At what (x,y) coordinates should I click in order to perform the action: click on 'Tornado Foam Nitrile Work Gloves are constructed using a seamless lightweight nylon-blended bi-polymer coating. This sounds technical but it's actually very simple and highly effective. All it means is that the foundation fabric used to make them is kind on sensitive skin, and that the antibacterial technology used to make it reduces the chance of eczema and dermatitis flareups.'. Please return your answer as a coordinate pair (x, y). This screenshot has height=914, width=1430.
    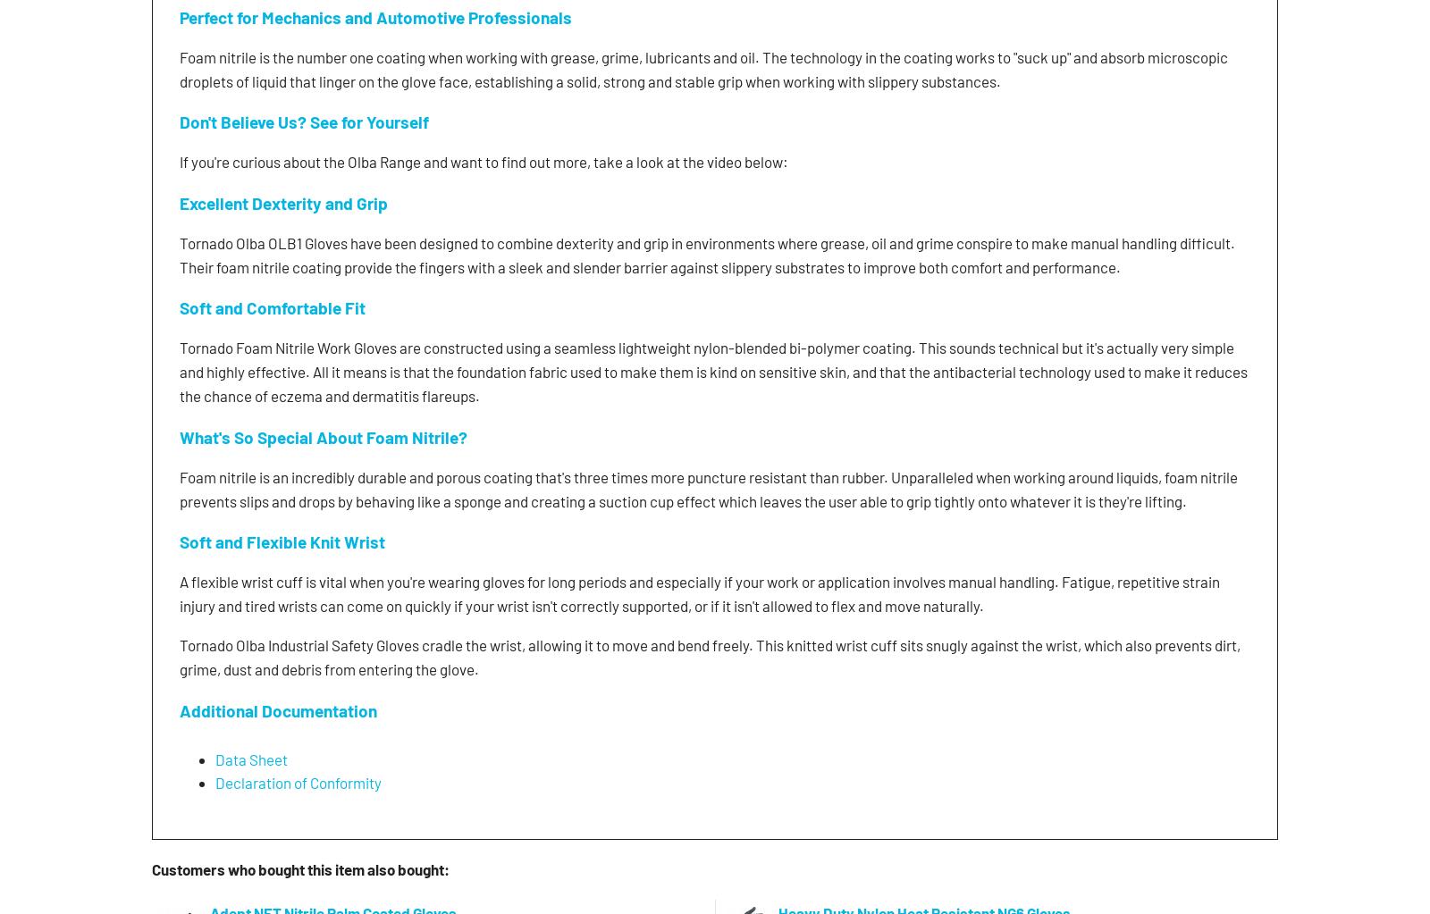
    Looking at the image, I should click on (178, 371).